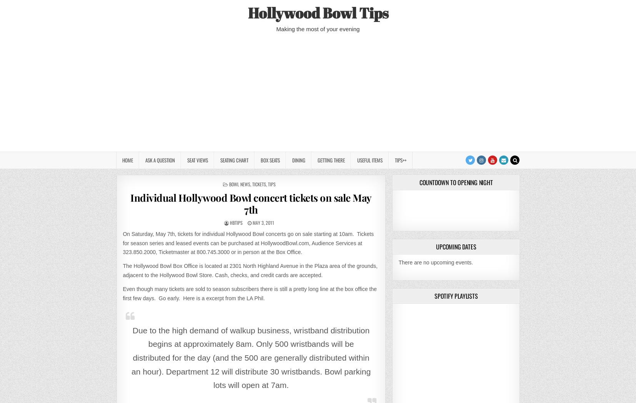 Image resolution: width=636 pixels, height=403 pixels. Describe the element at coordinates (455, 295) in the screenshot. I see `'Spotify Playlists'` at that location.